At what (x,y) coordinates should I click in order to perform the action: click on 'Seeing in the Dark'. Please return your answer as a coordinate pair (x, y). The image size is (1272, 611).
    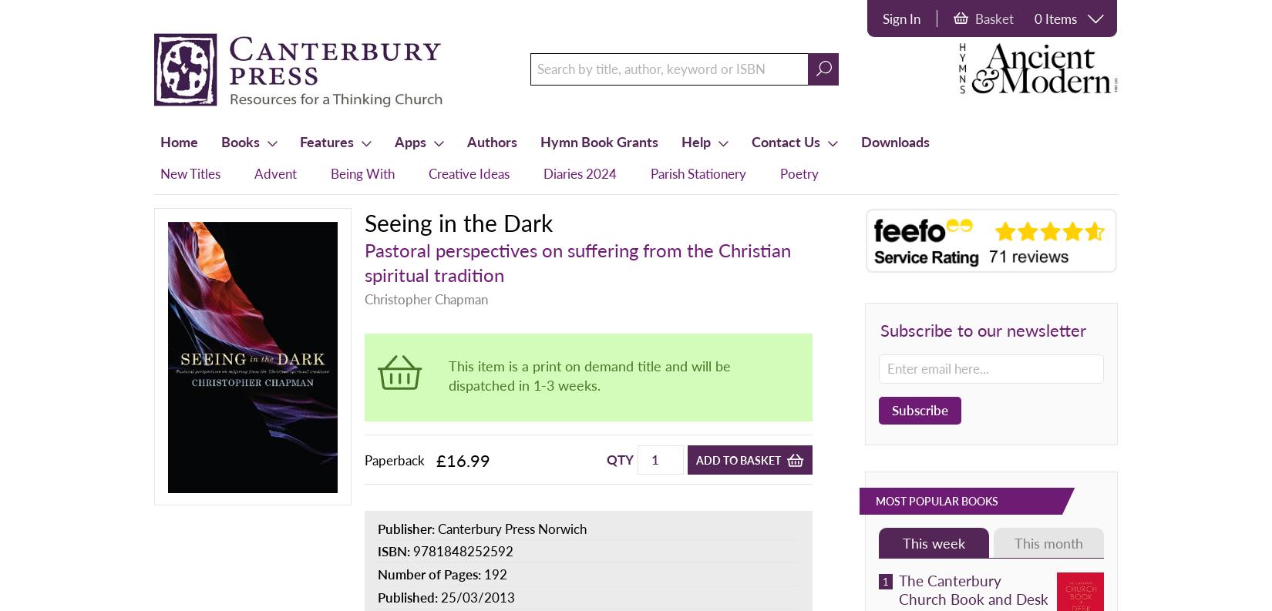
    Looking at the image, I should click on (364, 221).